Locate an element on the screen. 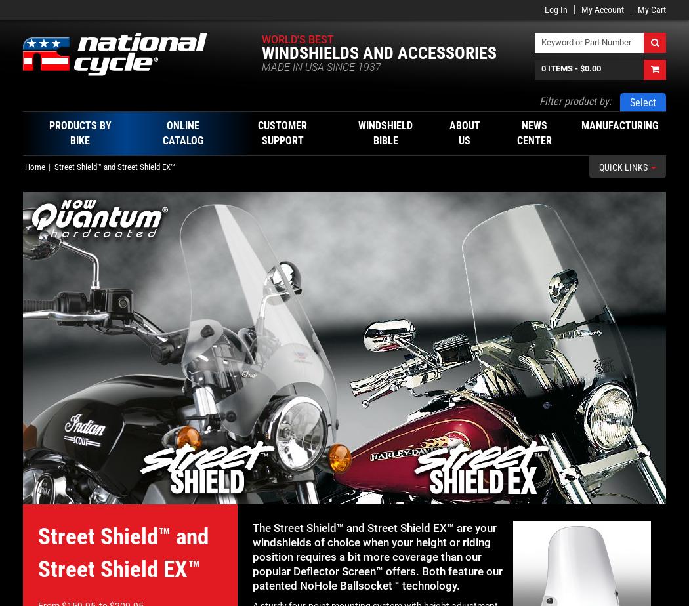  'Filter product by:' is located at coordinates (539, 101).